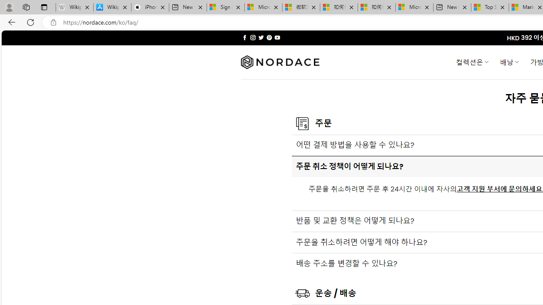 The width and height of the screenshot is (543, 305). Describe the element at coordinates (252, 37) in the screenshot. I see `'Follow on Instagram'` at that location.